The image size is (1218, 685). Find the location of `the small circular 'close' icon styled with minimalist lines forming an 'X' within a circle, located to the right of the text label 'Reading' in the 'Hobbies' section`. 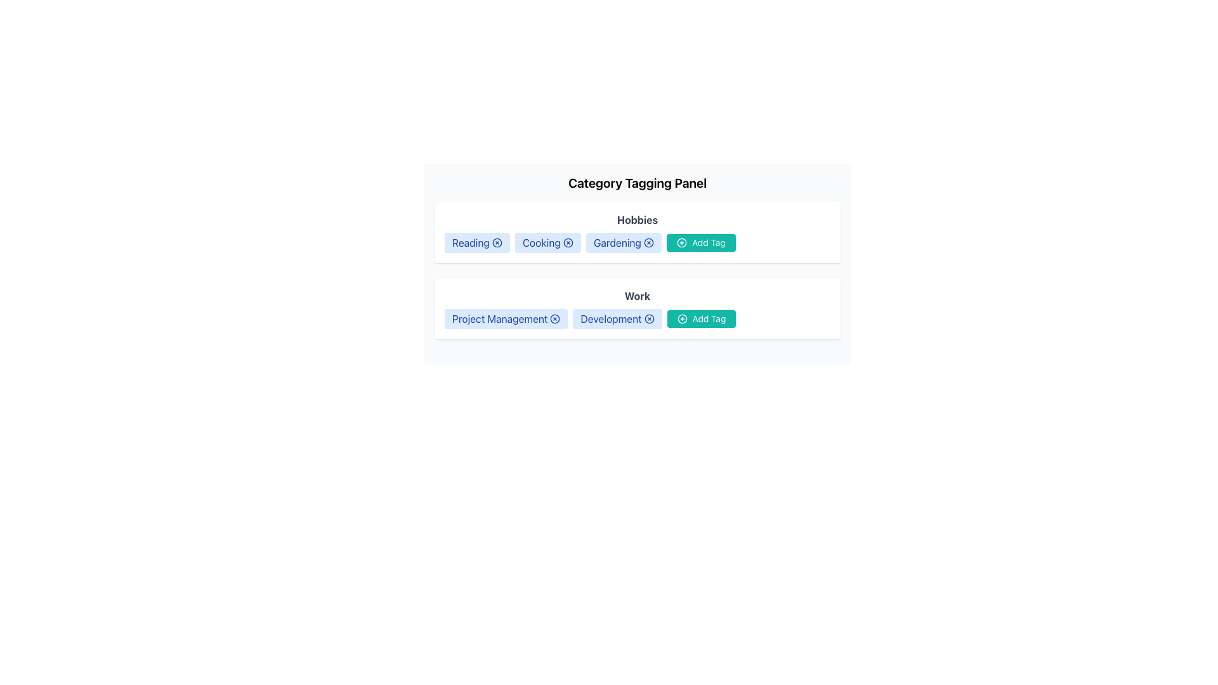

the small circular 'close' icon styled with minimalist lines forming an 'X' within a circle, located to the right of the text label 'Reading' in the 'Hobbies' section is located at coordinates (496, 242).